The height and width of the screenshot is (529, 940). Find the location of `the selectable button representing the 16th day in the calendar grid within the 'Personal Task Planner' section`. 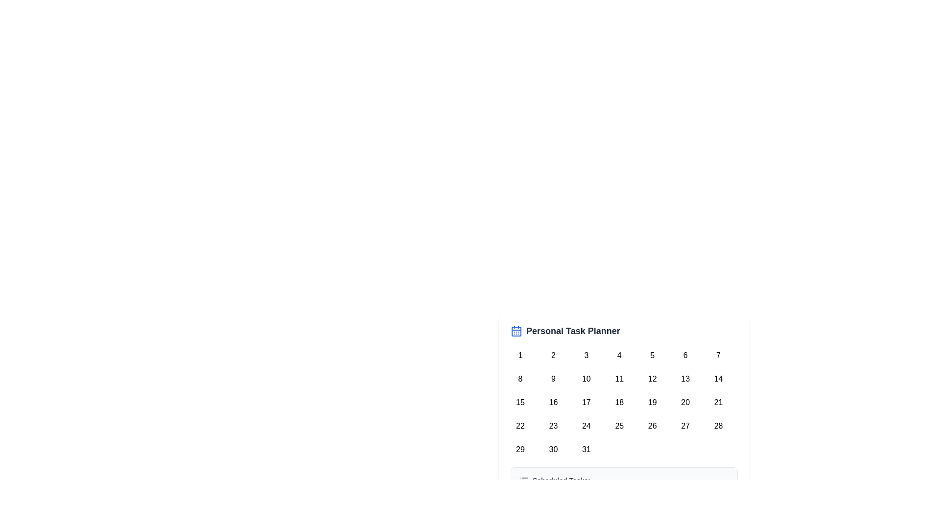

the selectable button representing the 16th day in the calendar grid within the 'Personal Task Planner' section is located at coordinates (553, 402).